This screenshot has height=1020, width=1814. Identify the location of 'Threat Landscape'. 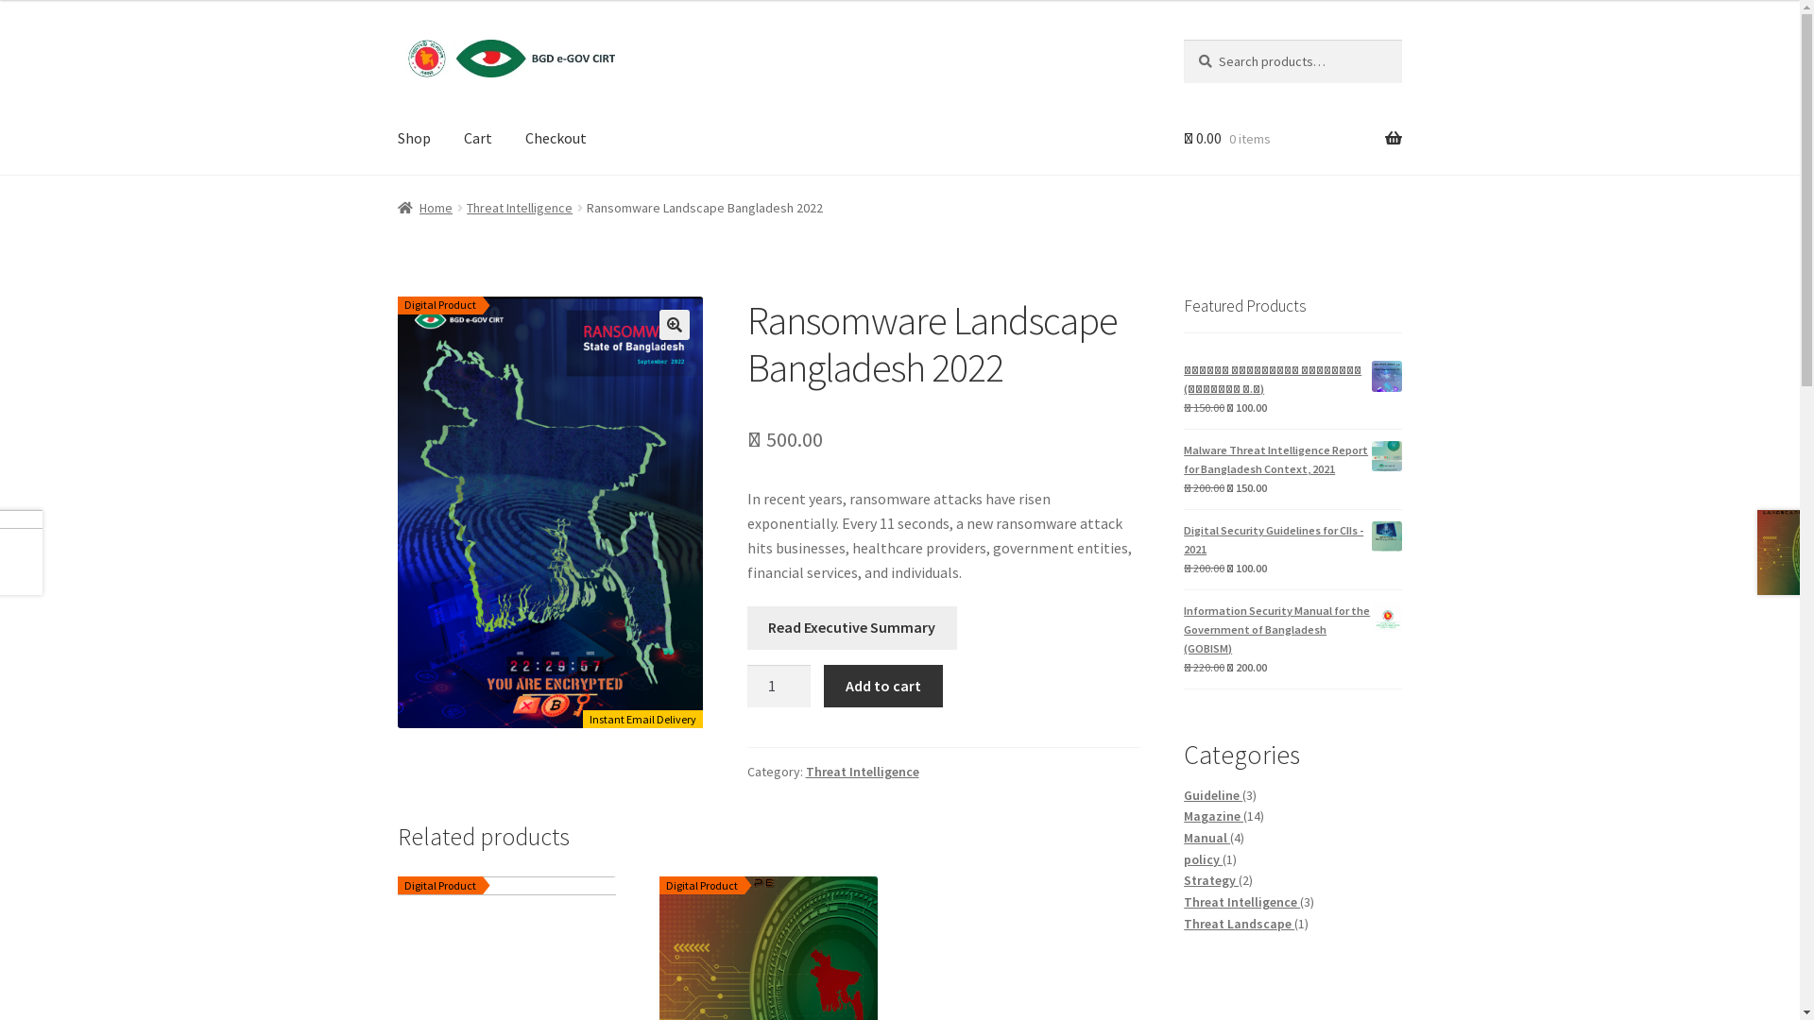
(1182, 923).